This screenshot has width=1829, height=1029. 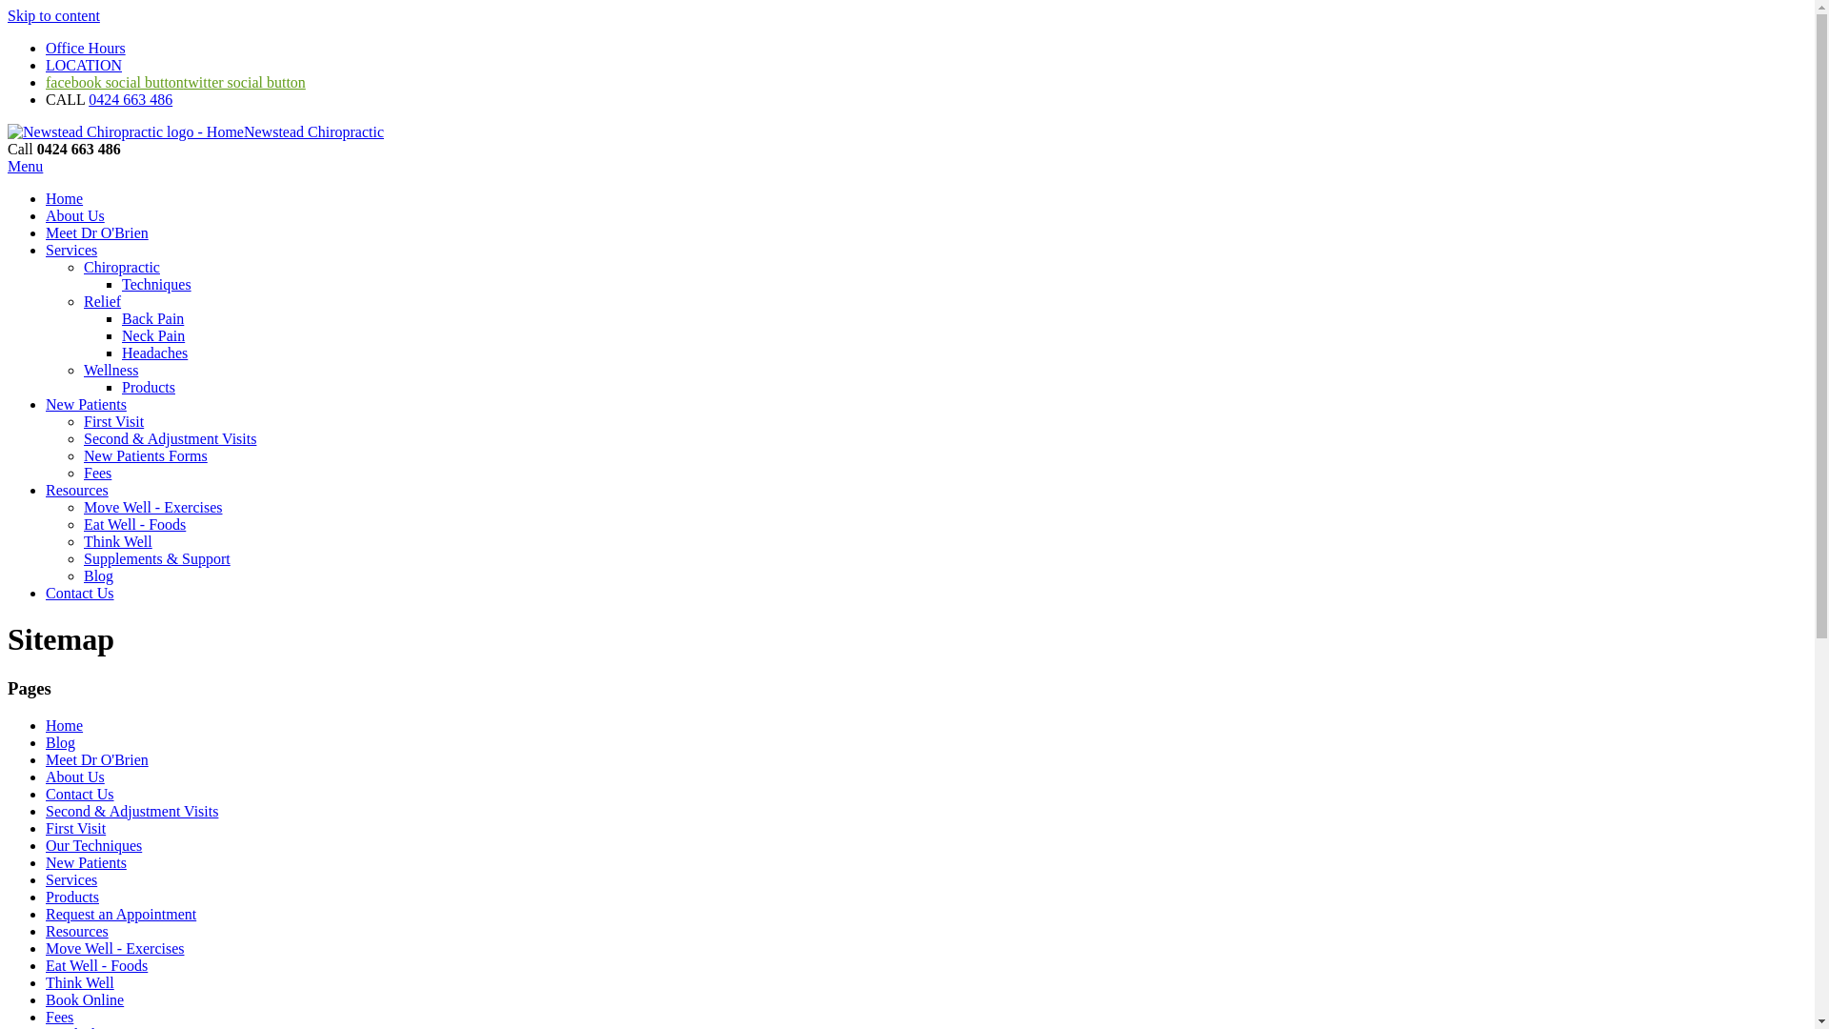 I want to click on 'twitter social button', so click(x=244, y=81).